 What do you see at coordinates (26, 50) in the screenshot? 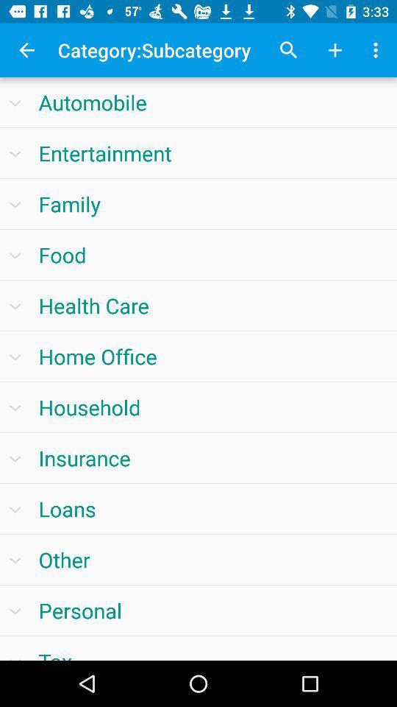
I see `the icon above automobile` at bounding box center [26, 50].